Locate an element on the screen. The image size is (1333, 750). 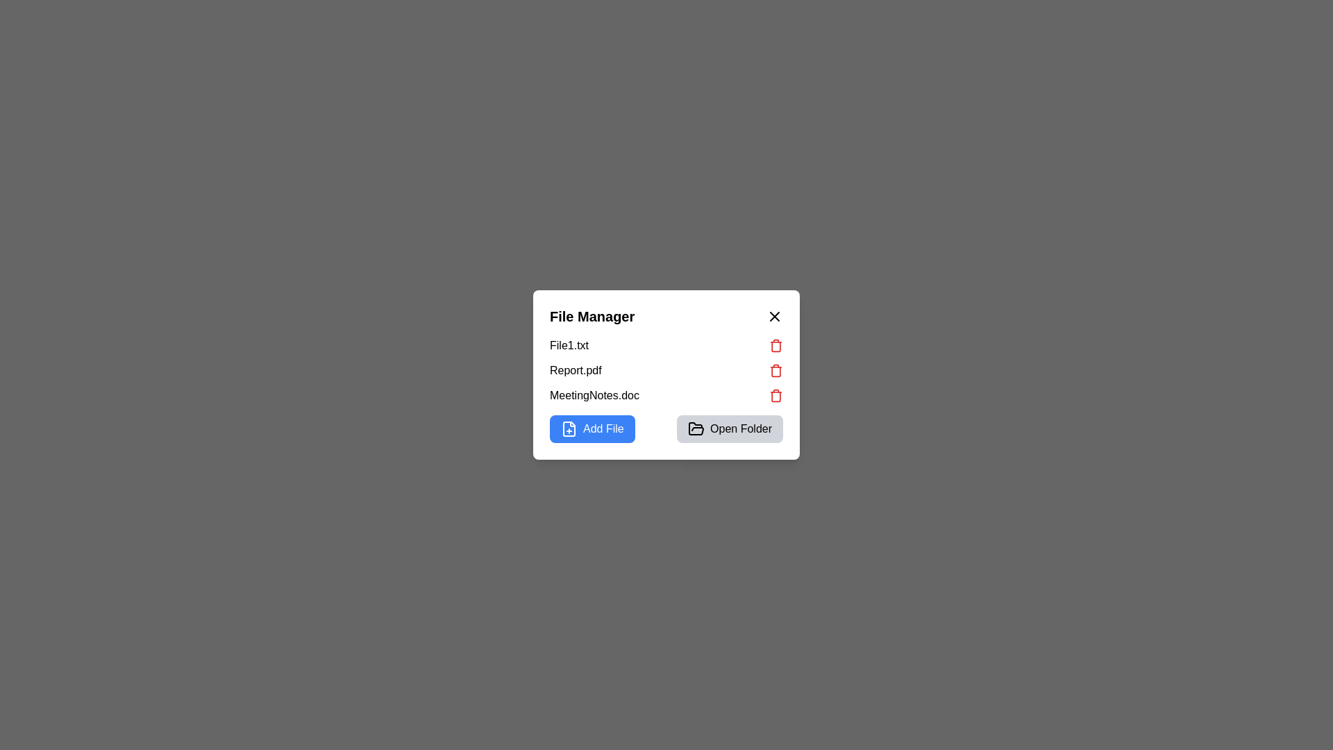
the text label indicating the file named 'File1.txt', which is the first item under the 'File Manager' header is located at coordinates (569, 344).